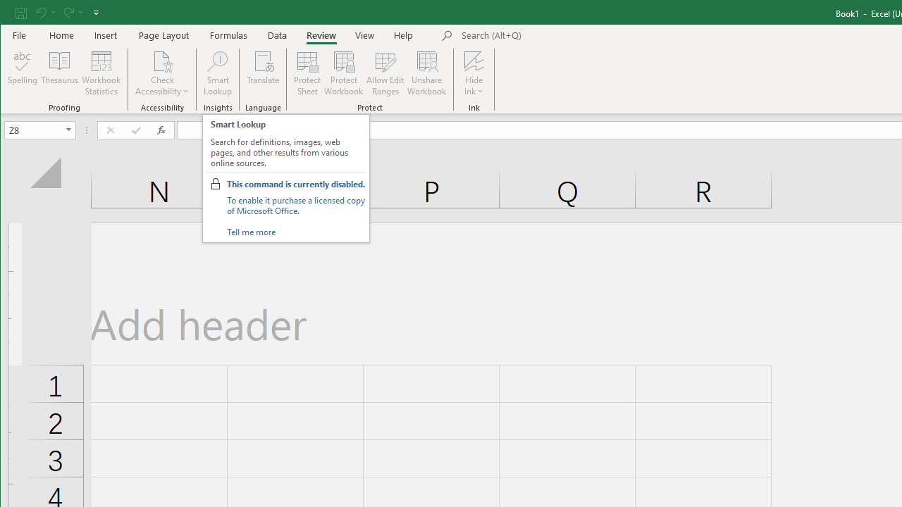 This screenshot has height=507, width=902. What do you see at coordinates (385, 73) in the screenshot?
I see `'Allow Edit Ranges'` at bounding box center [385, 73].